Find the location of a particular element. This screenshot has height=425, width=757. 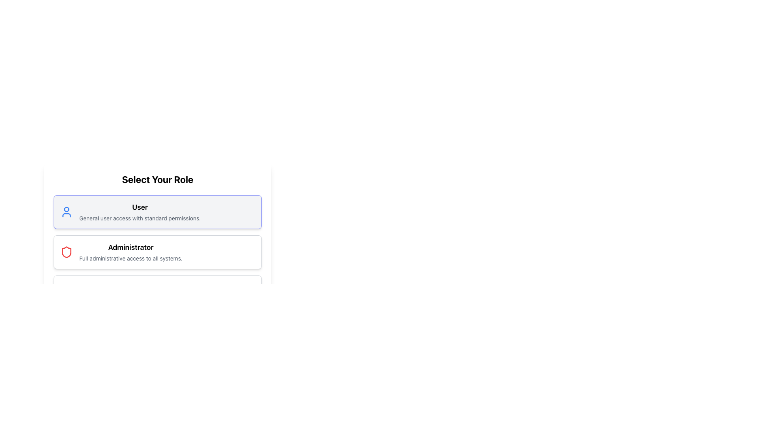

text that serves as the title for the 'Administrator' role selection option, which is positioned below the 'User' section in the roles list is located at coordinates (131, 247).